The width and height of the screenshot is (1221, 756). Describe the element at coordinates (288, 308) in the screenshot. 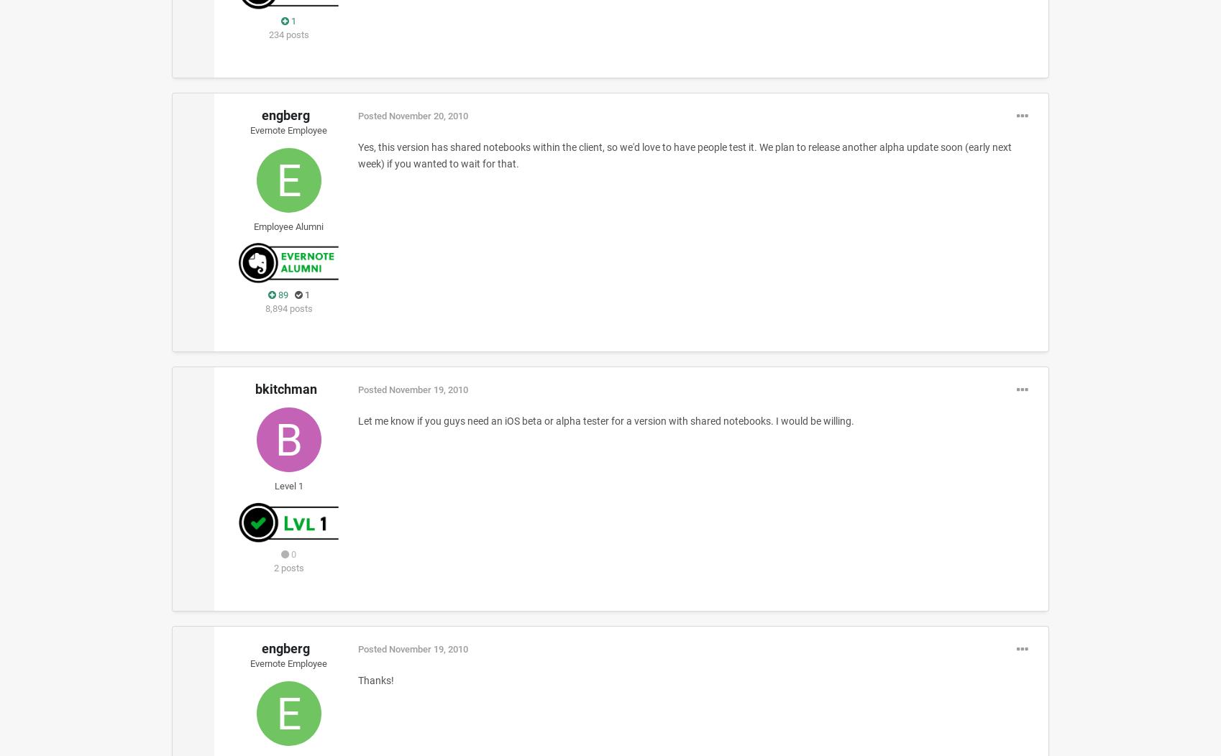

I see `'8,894 posts'` at that location.